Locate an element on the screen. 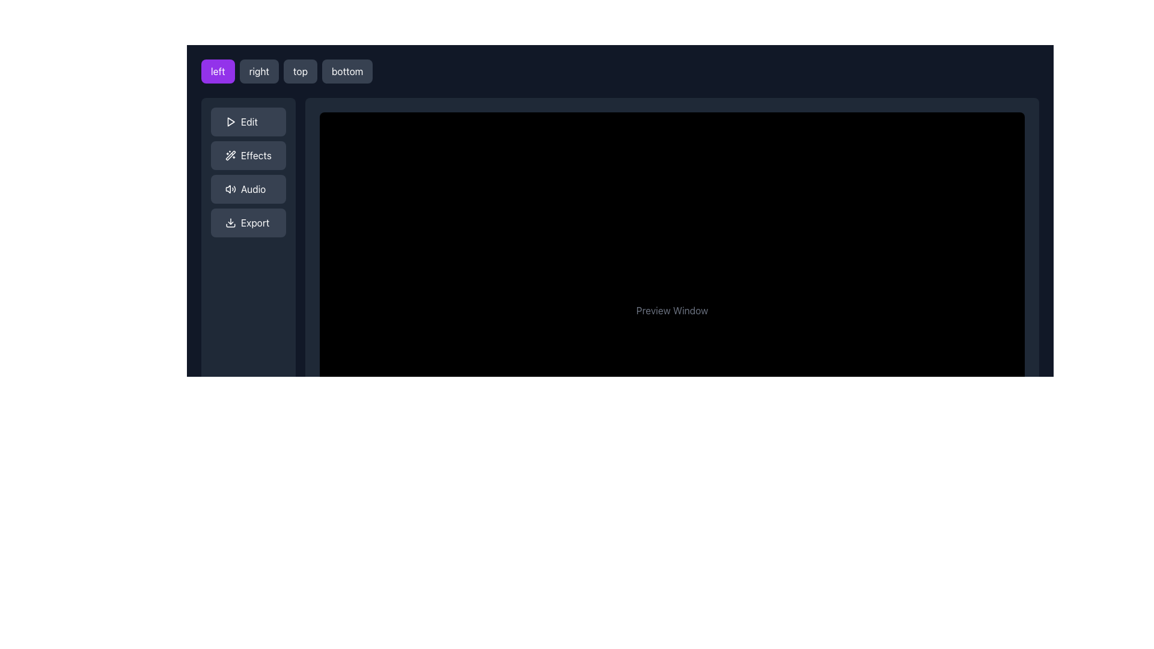  the button that activates effects, located between the 'Edit' and 'Audio' buttons in the vertical list is located at coordinates (248, 154).